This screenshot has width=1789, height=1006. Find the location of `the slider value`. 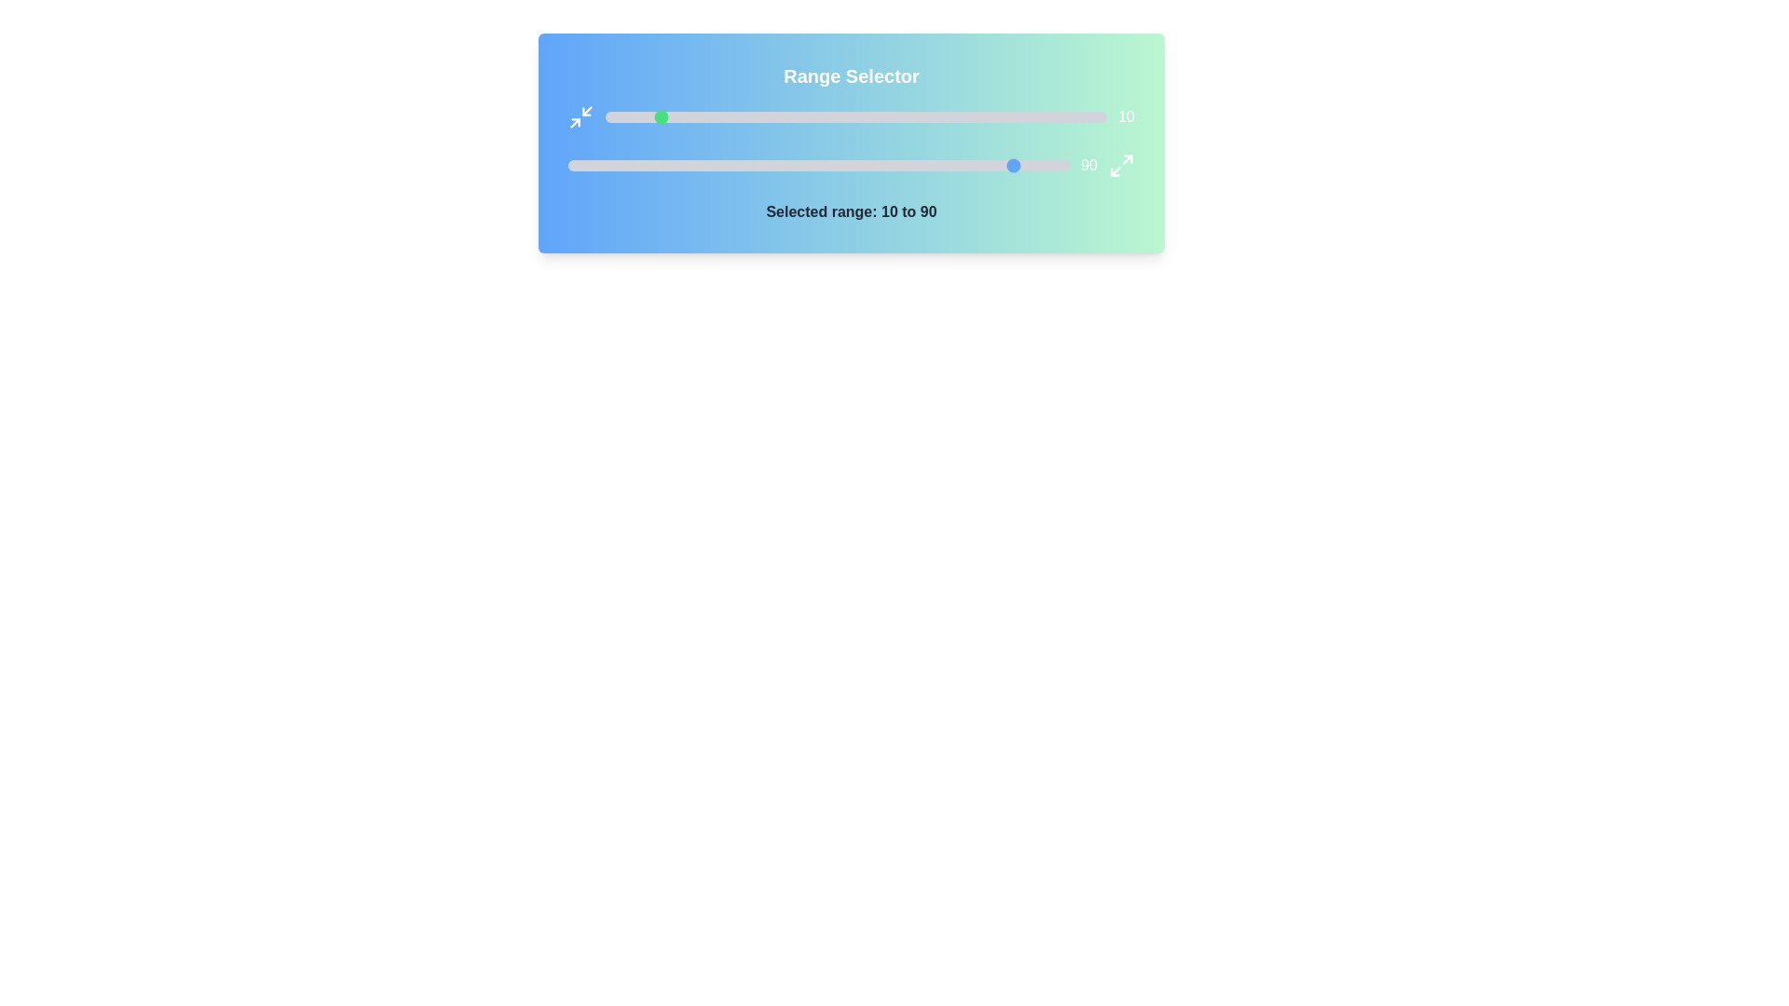

the slider value is located at coordinates (989, 164).